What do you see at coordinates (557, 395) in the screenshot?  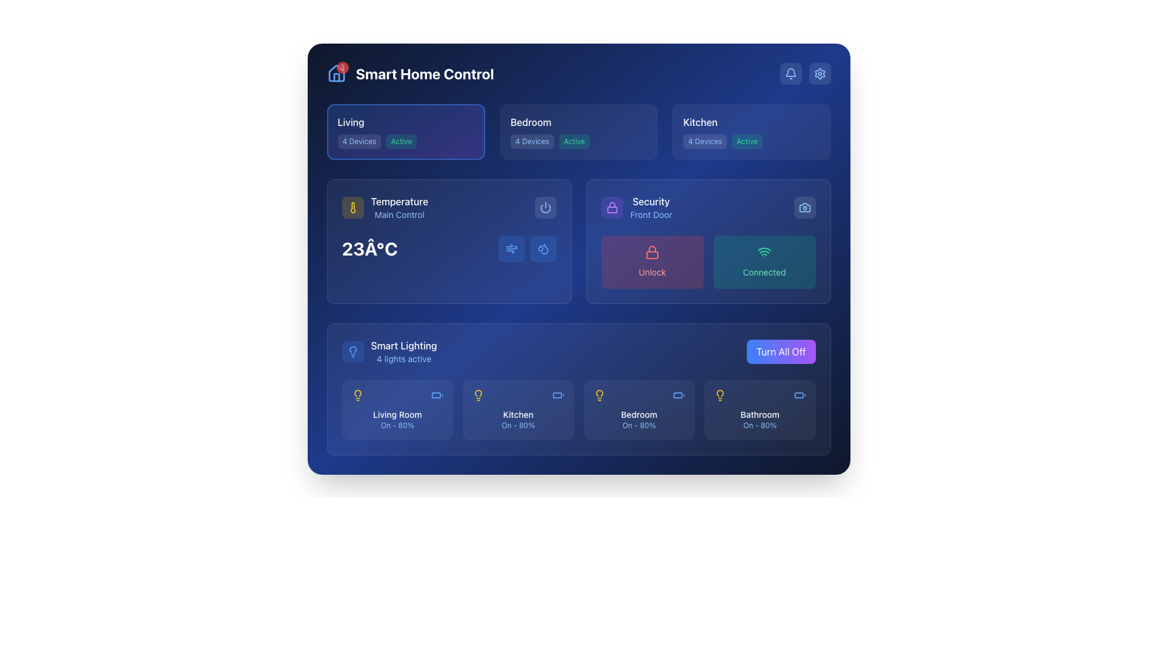 I see `the battery-related icon representing the Kitchen lighting settings in the 'Smart Lighting' section, which is the second icon from the left in the row of icons` at bounding box center [557, 395].